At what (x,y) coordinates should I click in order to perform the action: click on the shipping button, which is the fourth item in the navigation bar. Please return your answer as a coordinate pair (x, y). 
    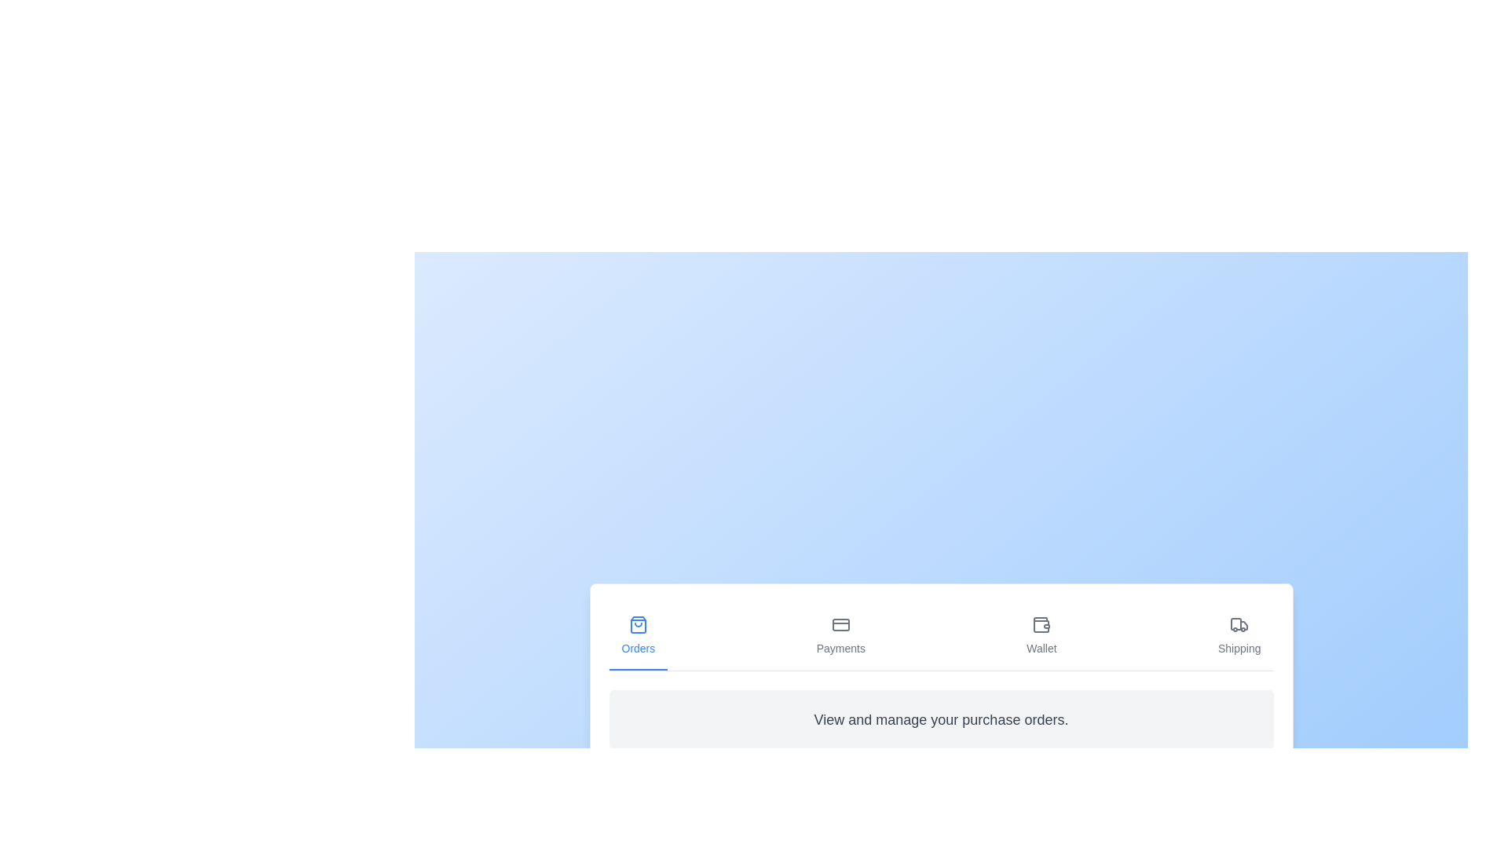
    Looking at the image, I should click on (1239, 636).